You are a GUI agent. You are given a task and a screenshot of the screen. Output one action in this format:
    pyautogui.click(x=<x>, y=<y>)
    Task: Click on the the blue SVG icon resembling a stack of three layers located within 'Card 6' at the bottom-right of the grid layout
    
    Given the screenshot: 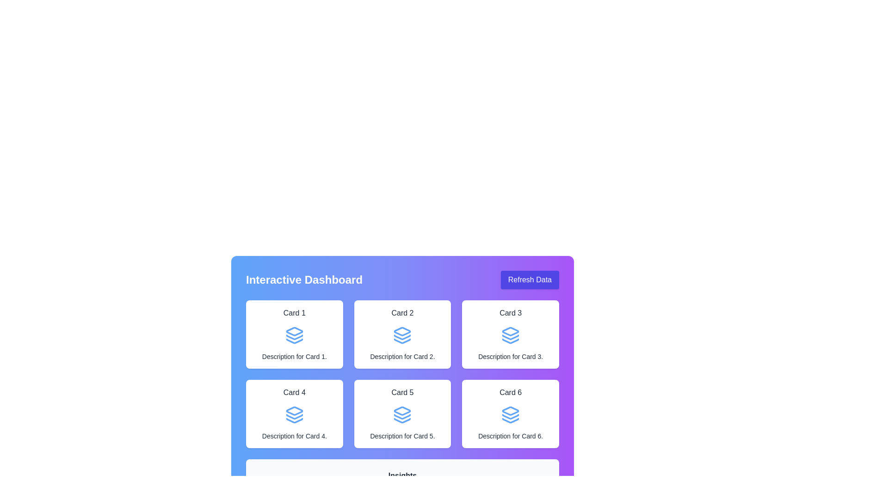 What is the action you would take?
    pyautogui.click(x=510, y=414)
    